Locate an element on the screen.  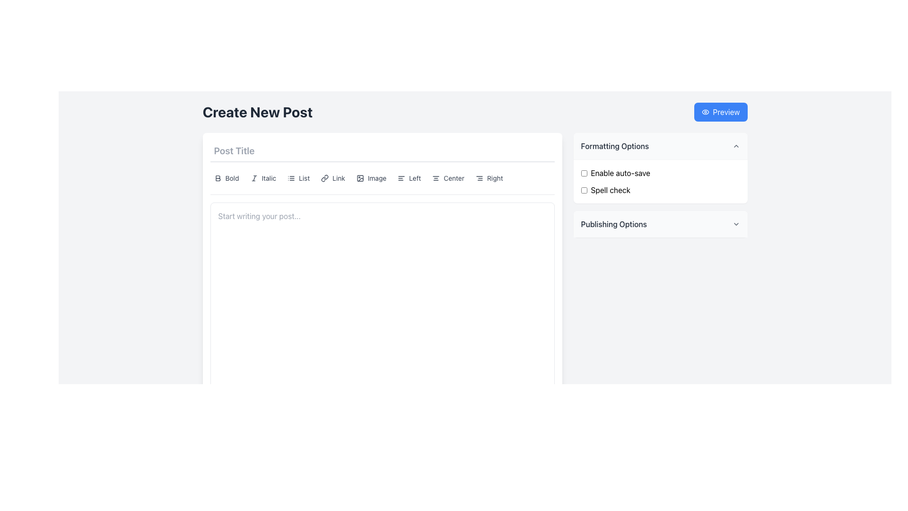
the checkbox labeled 'Spell check' is located at coordinates (660, 181).